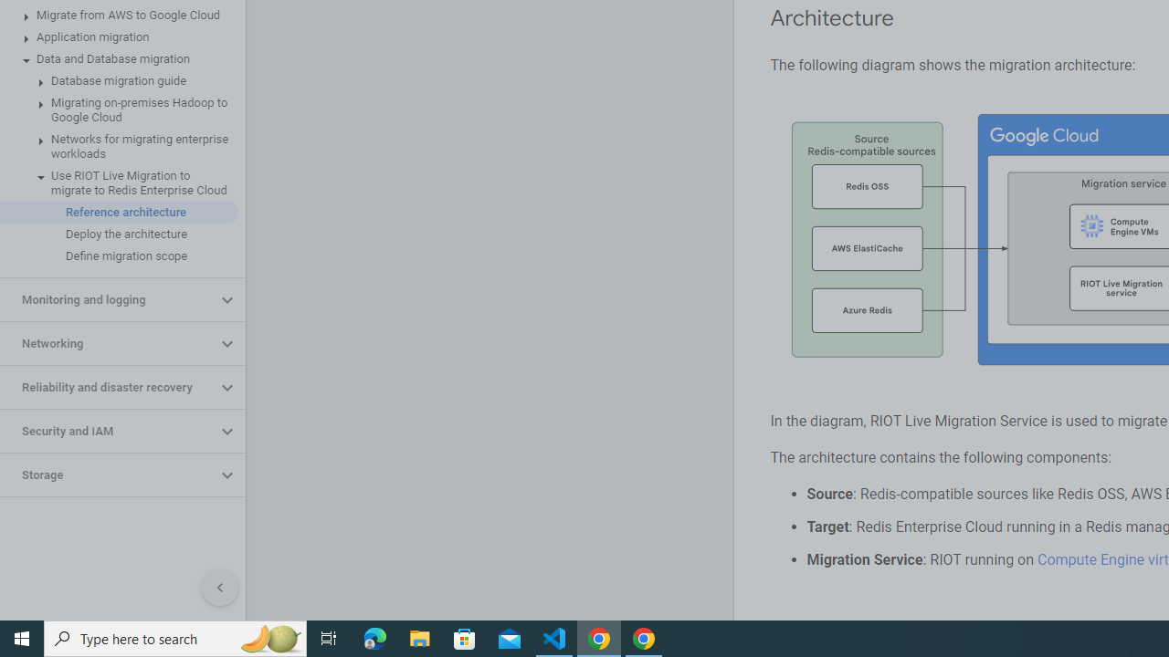 The height and width of the screenshot is (657, 1169). I want to click on 'Networks for migrating enterprise workloads', so click(118, 145).